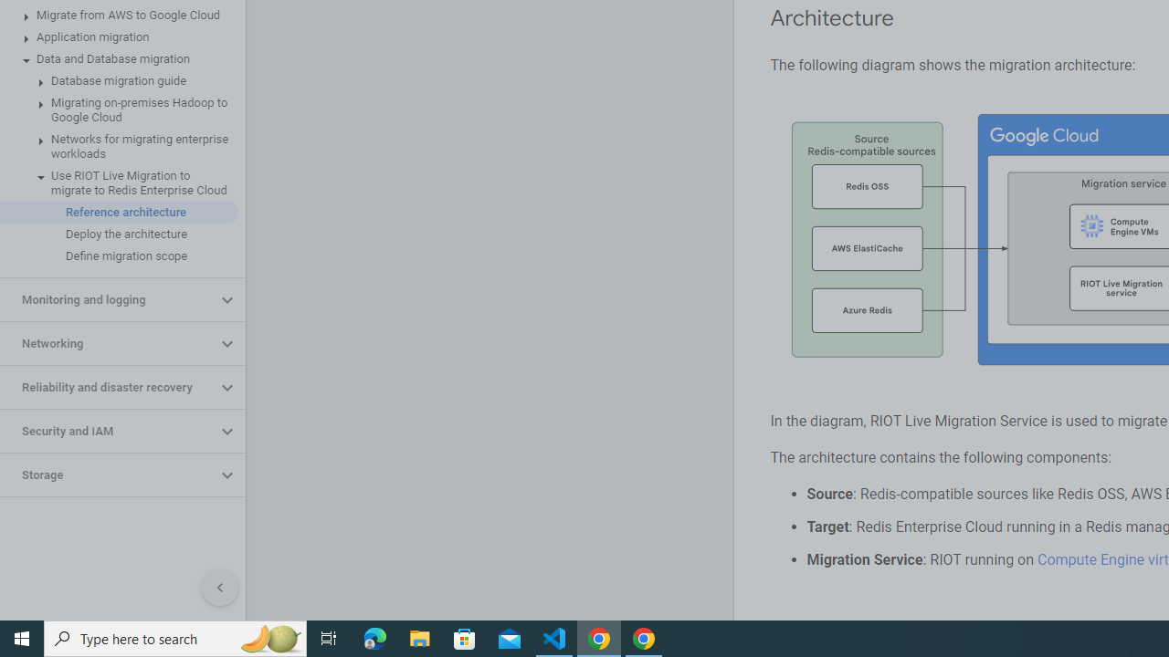 The height and width of the screenshot is (657, 1169). I want to click on 'Networks for migrating enterprise workloads', so click(118, 145).